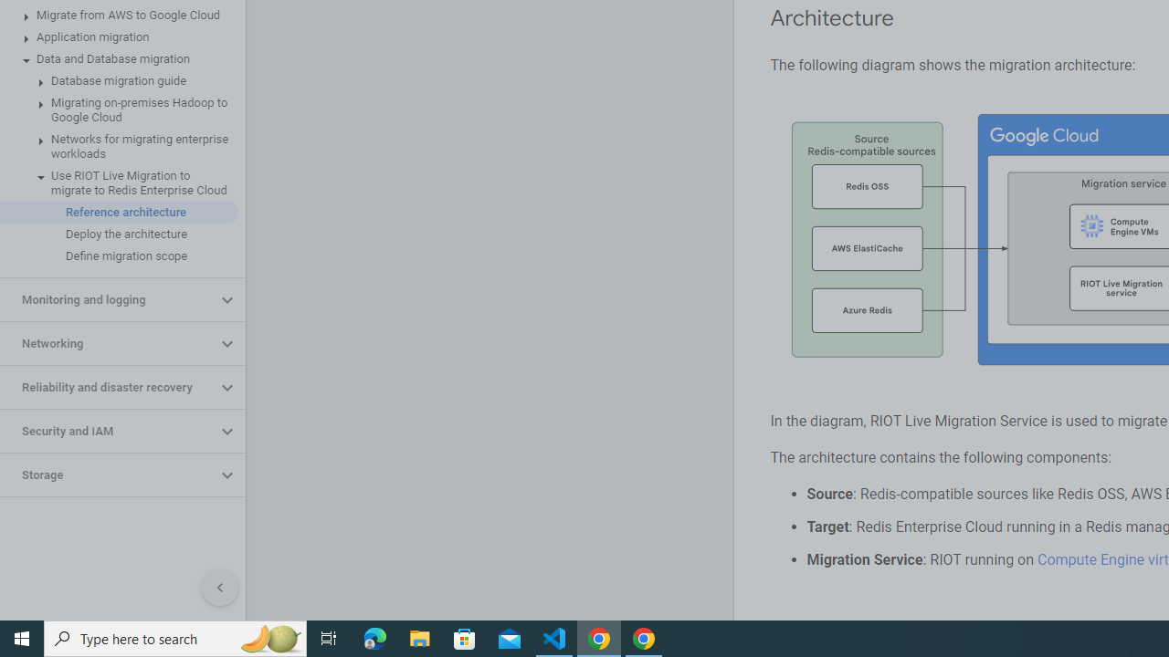 The height and width of the screenshot is (657, 1169). I want to click on 'Networks for migrating enterprise workloads', so click(118, 145).